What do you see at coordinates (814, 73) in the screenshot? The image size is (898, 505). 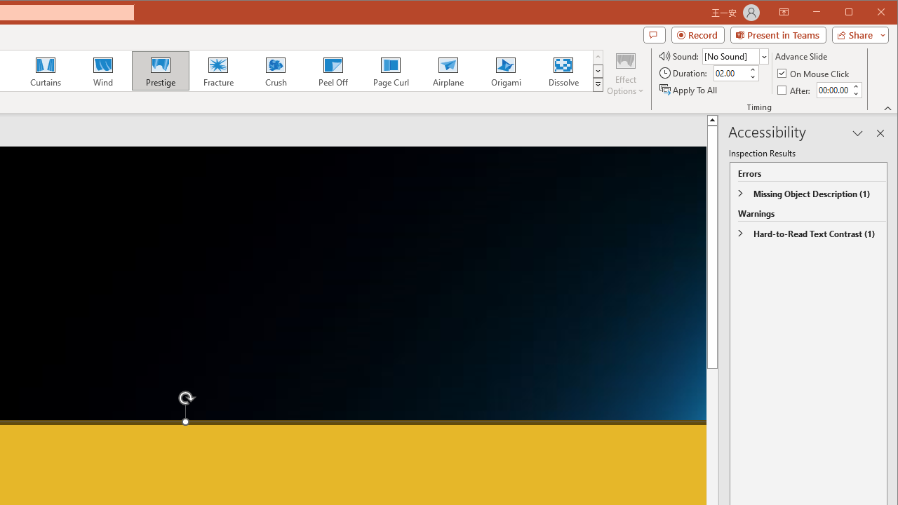 I see `'On Mouse Click'` at bounding box center [814, 73].